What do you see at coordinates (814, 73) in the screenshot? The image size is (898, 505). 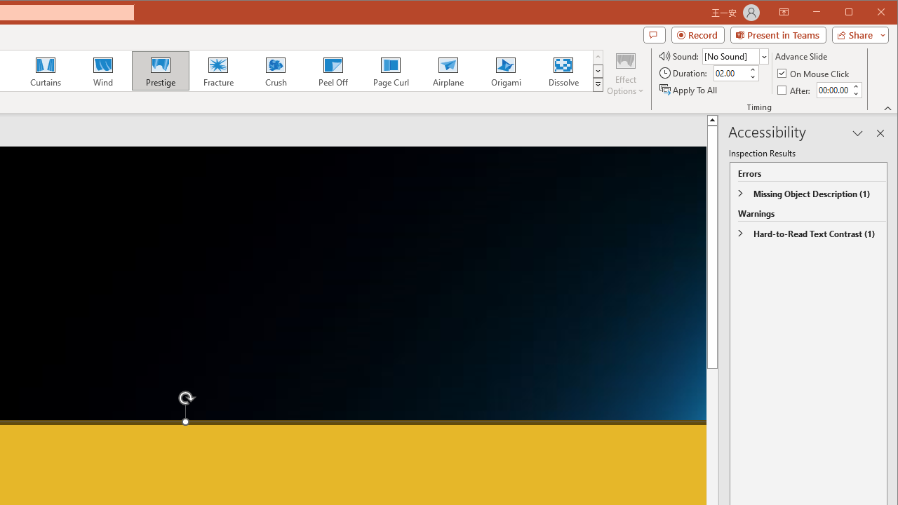 I see `'On Mouse Click'` at bounding box center [814, 73].